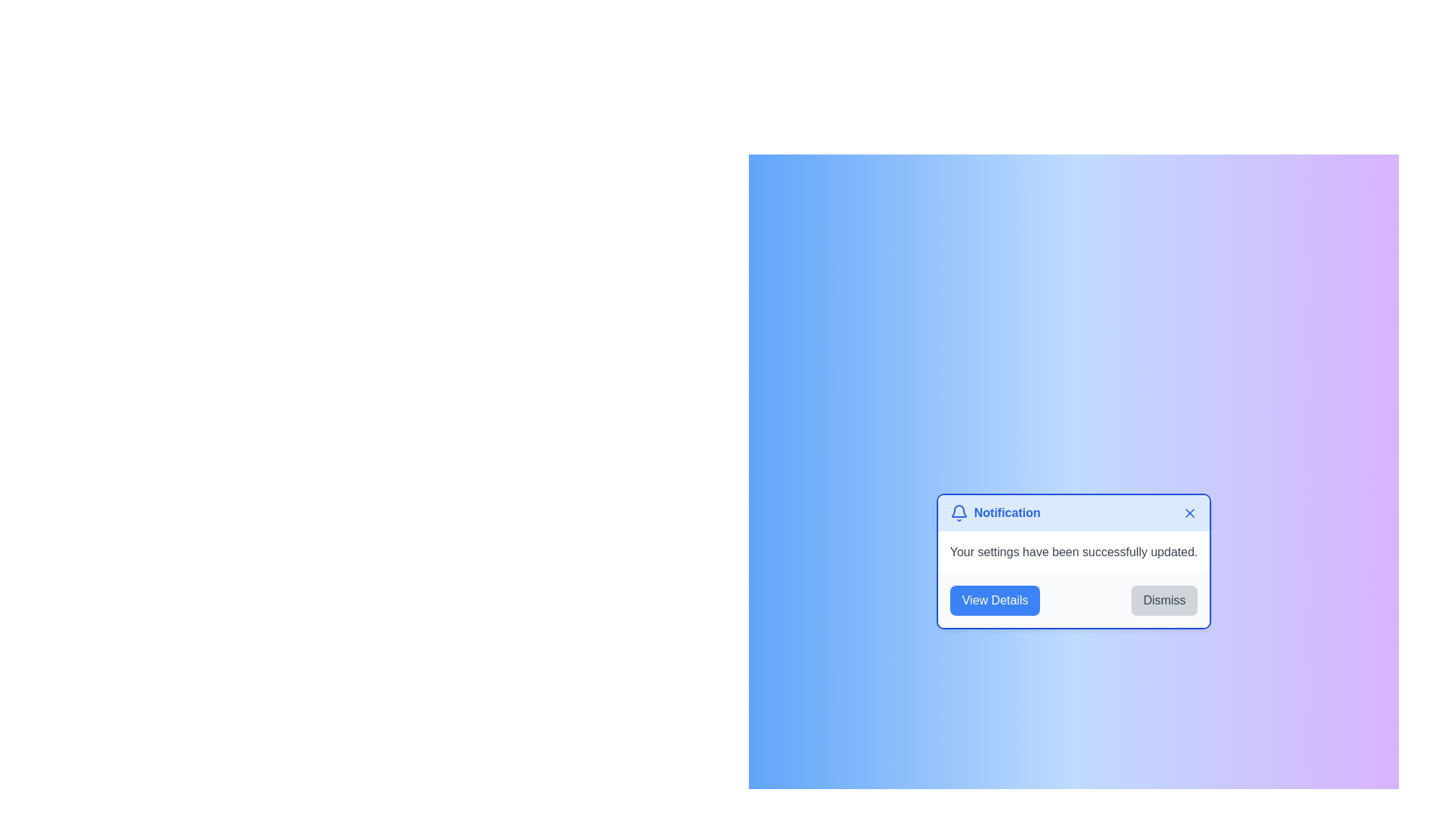  Describe the element at coordinates (1073, 552) in the screenshot. I see `the Text Display element that shows a confirmation message for successfully updated settings, located in the middle of the notification dialog box above the 'View Details' and 'Dismiss' buttons` at that location.